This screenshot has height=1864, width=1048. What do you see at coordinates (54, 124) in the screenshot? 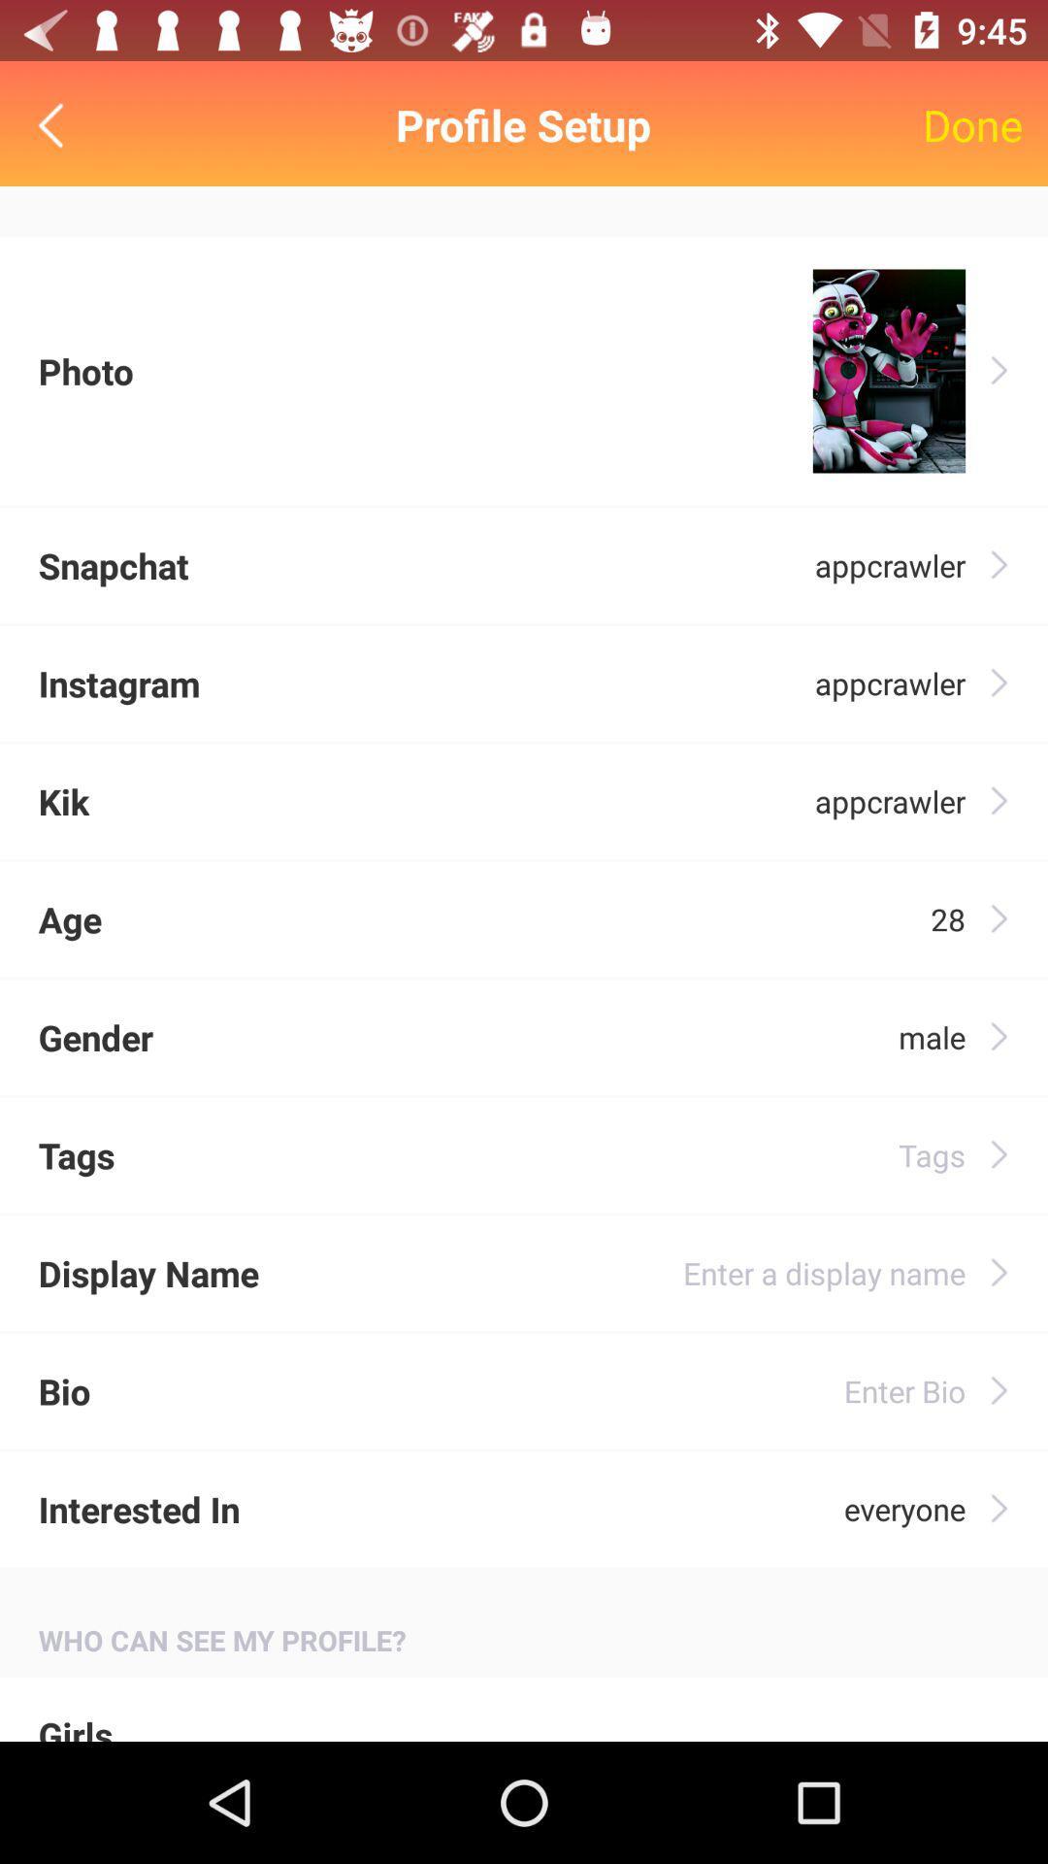
I see `the item above photo icon` at bounding box center [54, 124].